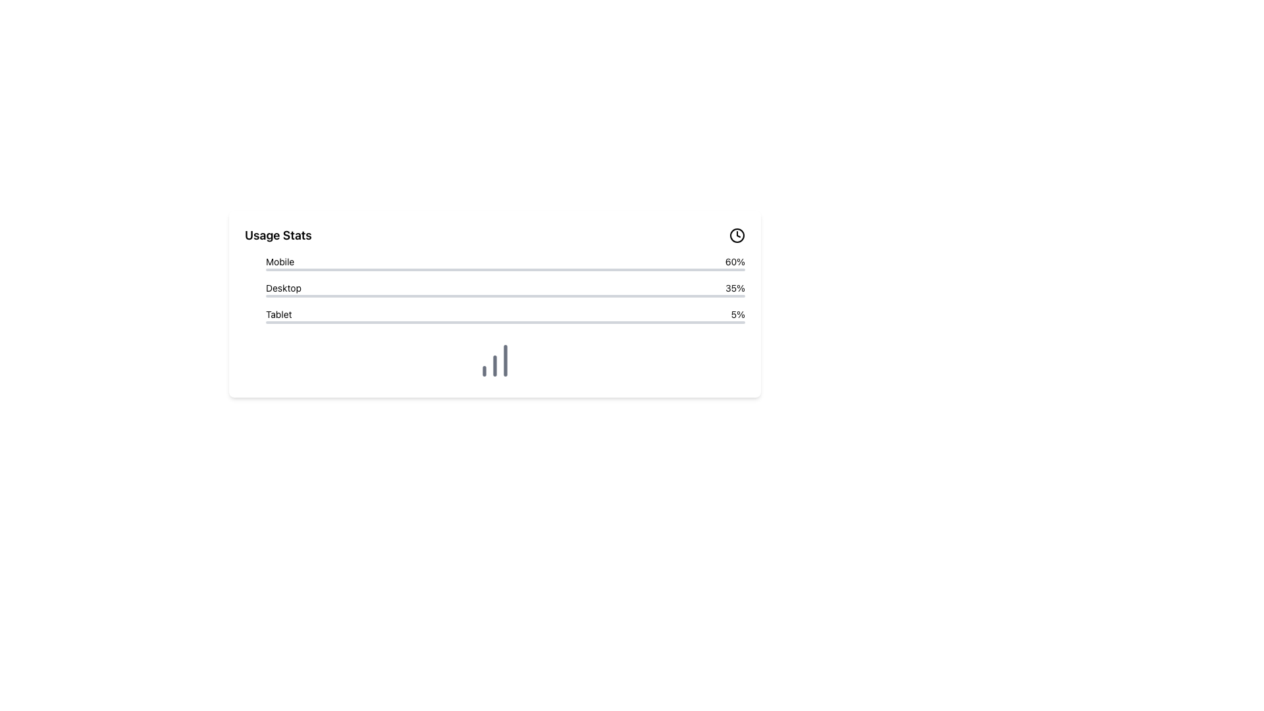 This screenshot has width=1264, height=711. I want to click on the usage statistics panel that displays data for mobile, desktop, and tablet platforms, which is located above a chart-like graphic, so click(494, 304).